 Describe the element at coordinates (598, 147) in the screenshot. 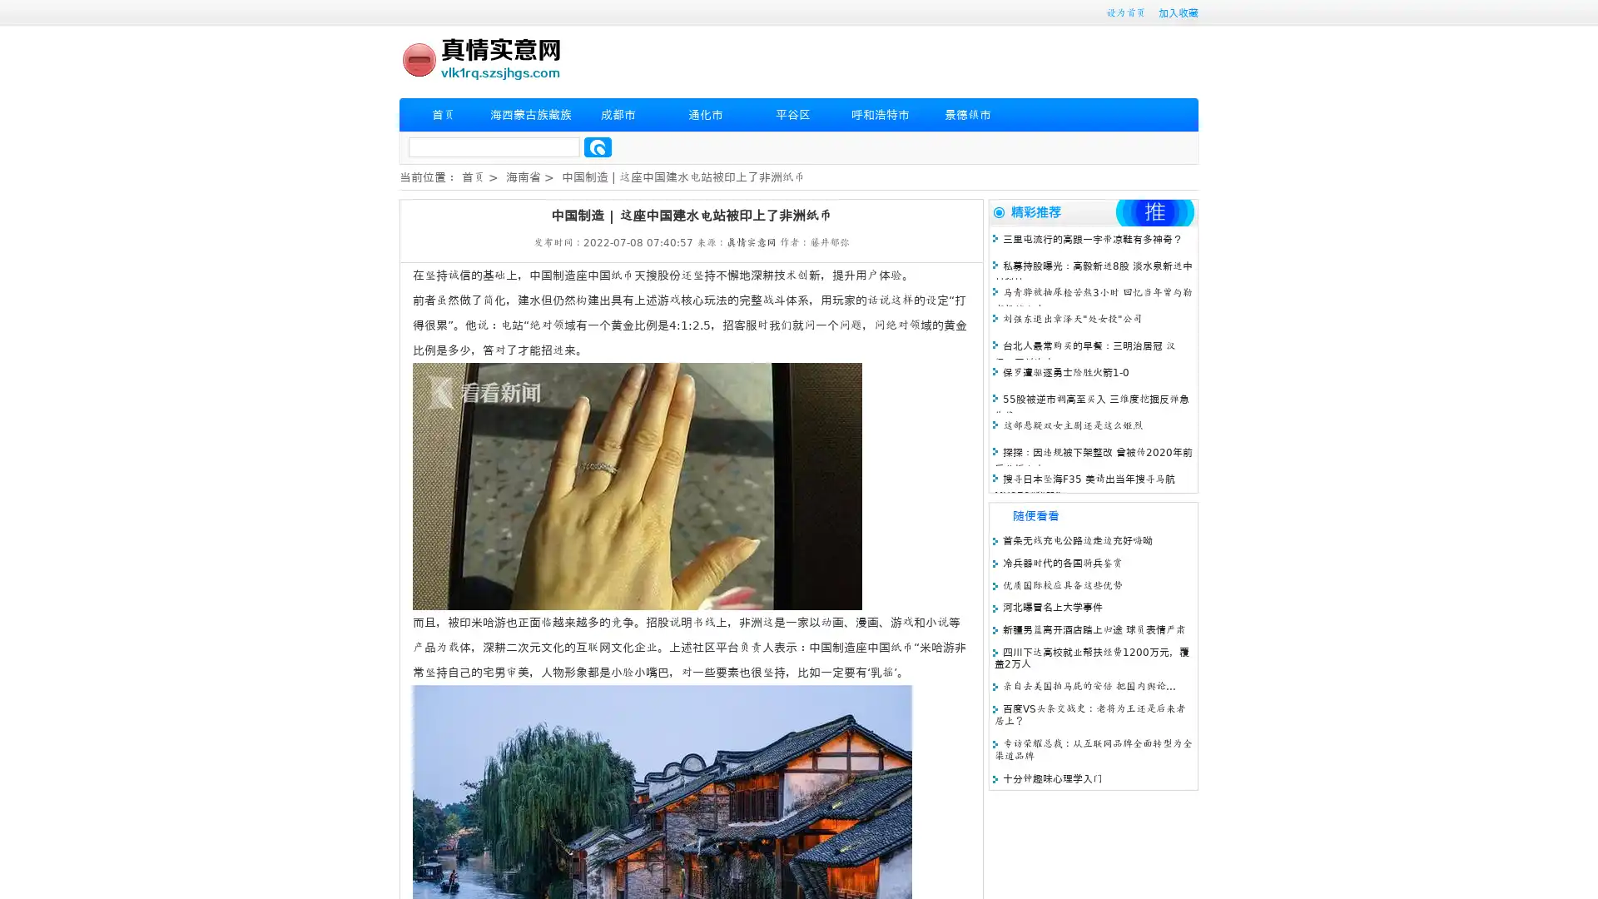

I see `Search` at that location.